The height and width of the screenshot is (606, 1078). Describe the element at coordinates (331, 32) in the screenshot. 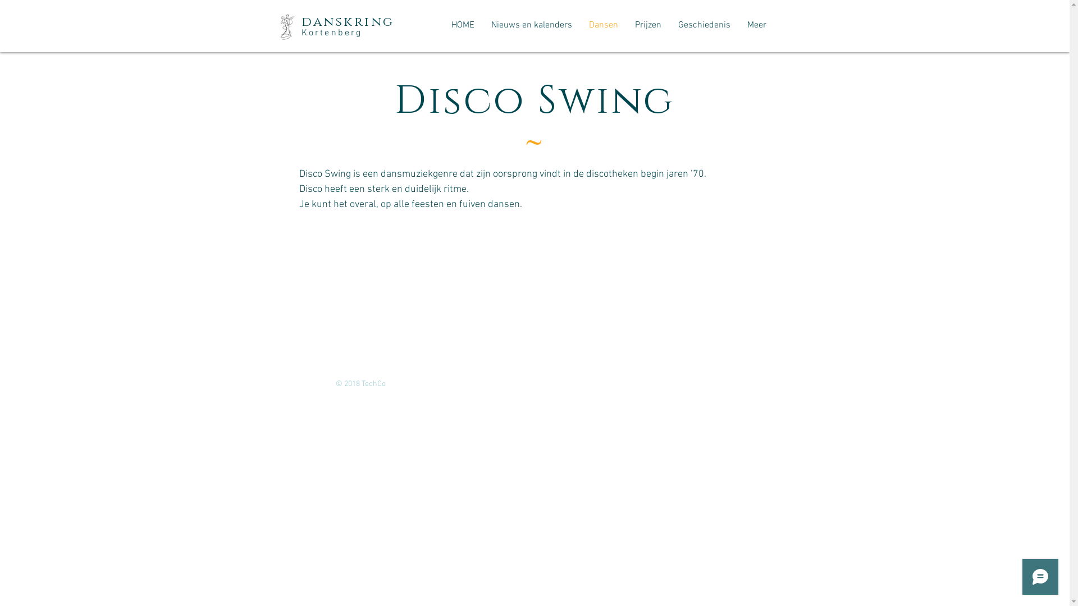

I see `'Kortenberg'` at that location.